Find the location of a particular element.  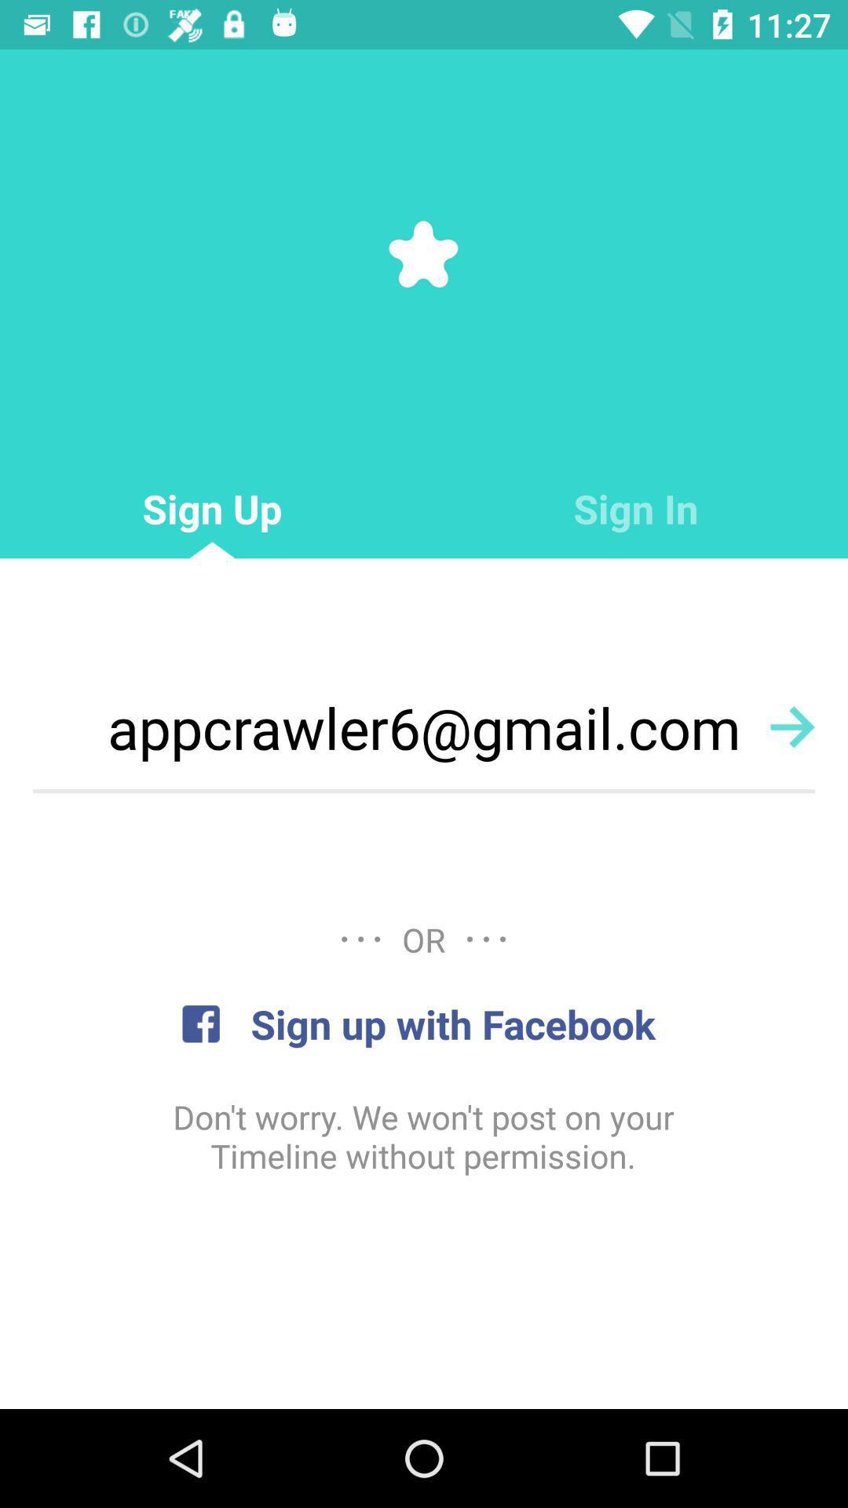

the icon above appcrawler6@gmail.com is located at coordinates (636, 509).